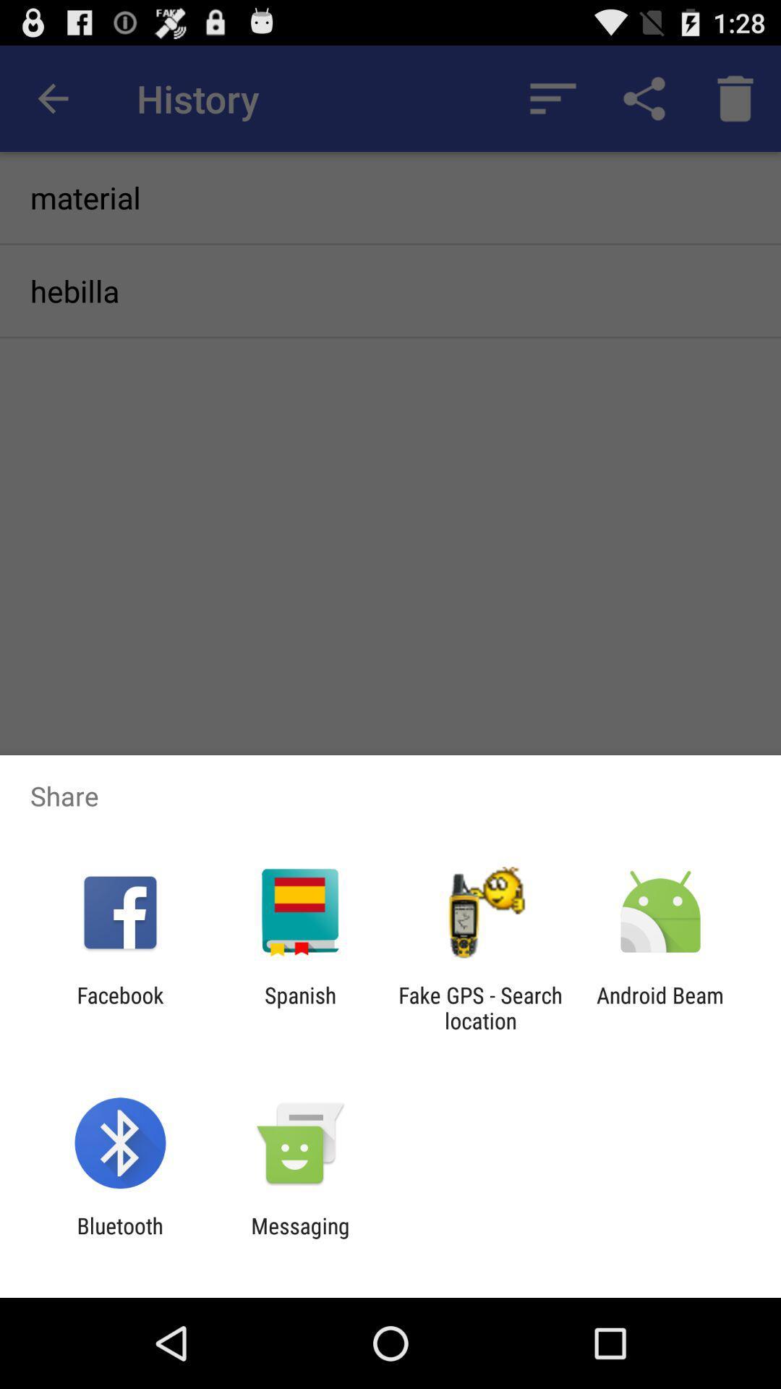 Image resolution: width=781 pixels, height=1389 pixels. What do you see at coordinates (299, 1007) in the screenshot?
I see `the app next to facebook item` at bounding box center [299, 1007].